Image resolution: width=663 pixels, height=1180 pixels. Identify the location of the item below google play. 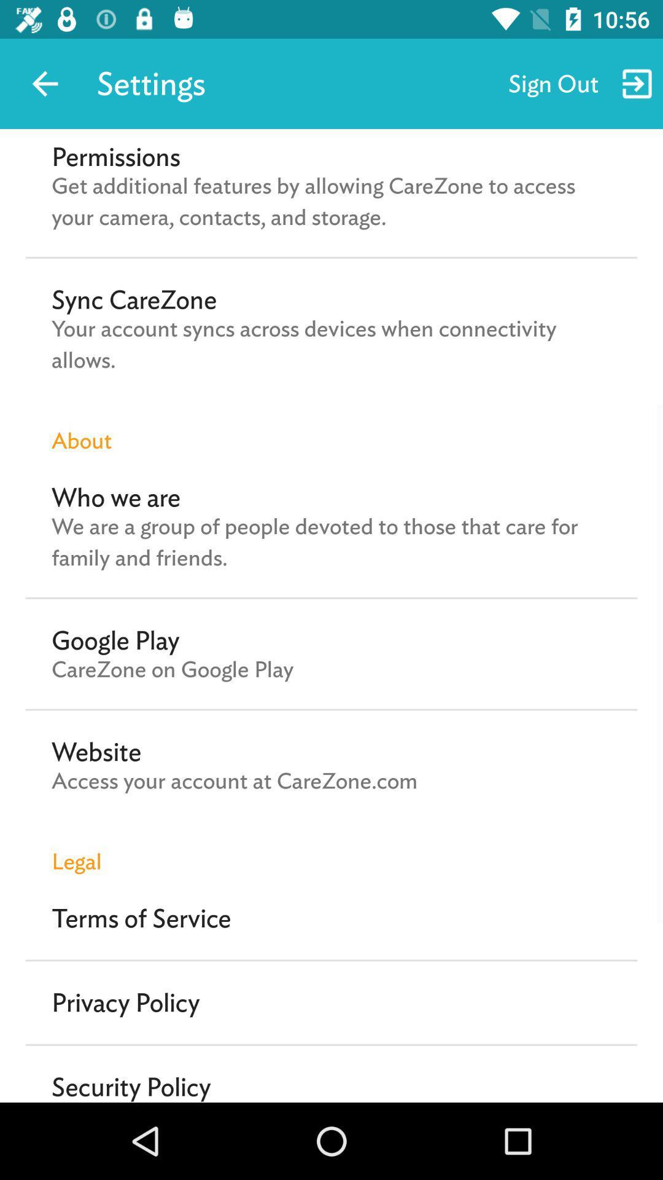
(173, 669).